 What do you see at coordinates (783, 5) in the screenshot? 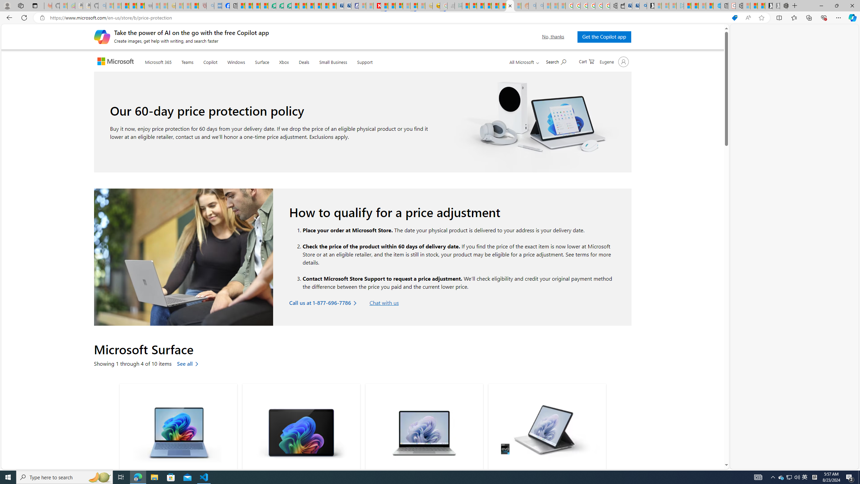
I see `'Nordace - Nordace Siena Is Not An Ordinary Backpack'` at bounding box center [783, 5].